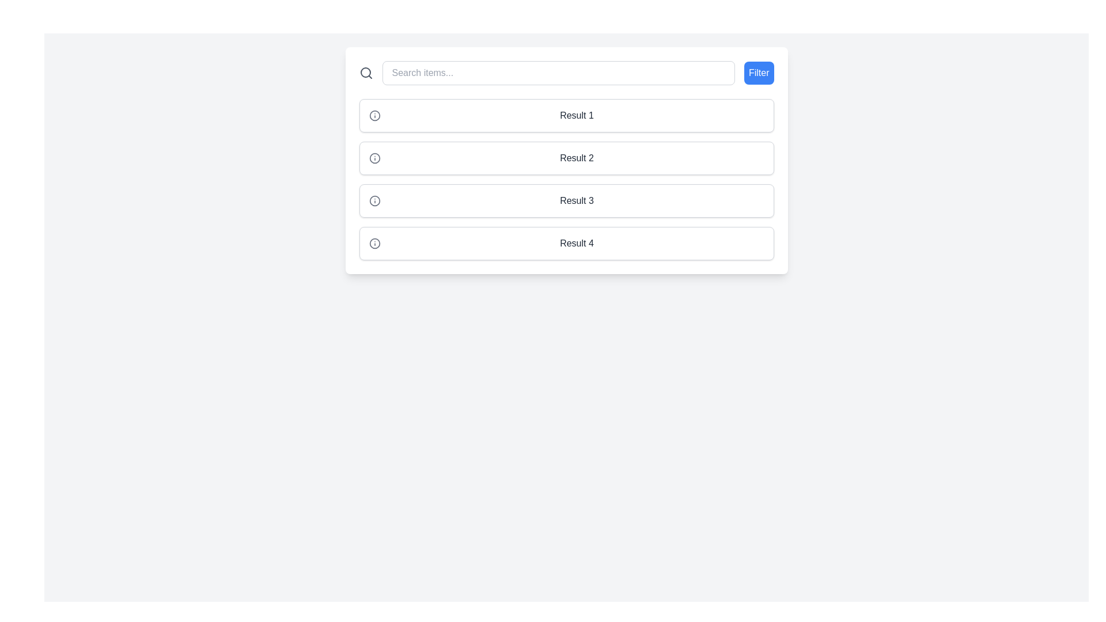 The image size is (1106, 622). Describe the element at coordinates (374, 200) in the screenshot. I see `the circular gray icon with an information symbol located on the left side of the 'Result 3' row` at that location.